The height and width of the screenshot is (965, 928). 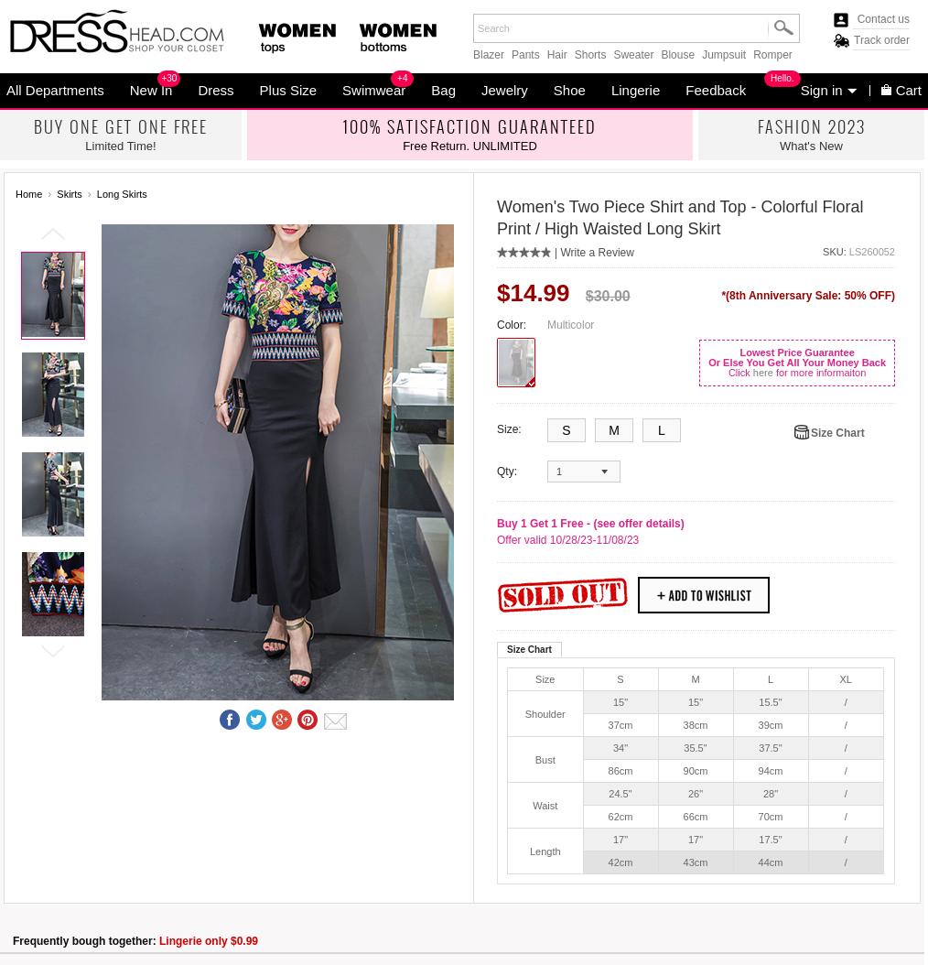 What do you see at coordinates (556, 53) in the screenshot?
I see `'Hair'` at bounding box center [556, 53].